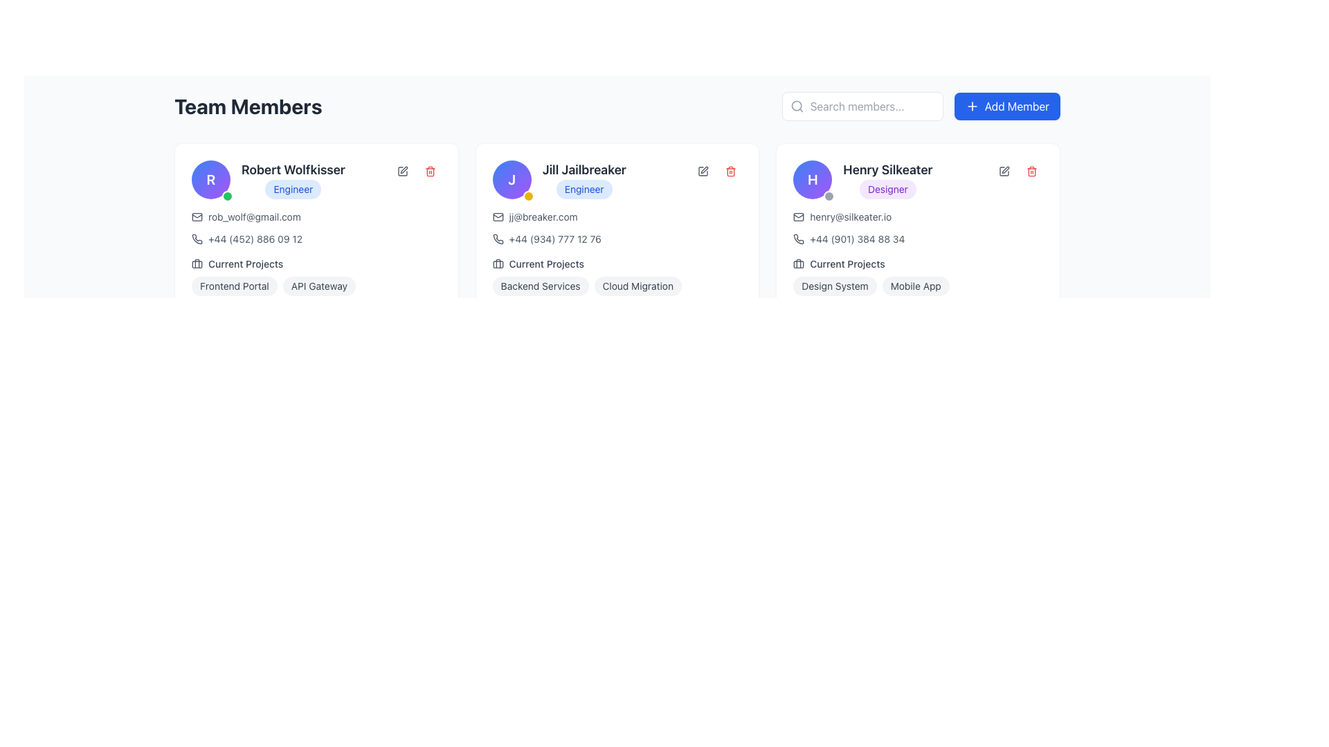 The image size is (1329, 747). What do you see at coordinates (429, 170) in the screenshot?
I see `the trash icon button, which is the second interactive option in the action section of the member card for user 'Robert Wolfkisser'` at bounding box center [429, 170].